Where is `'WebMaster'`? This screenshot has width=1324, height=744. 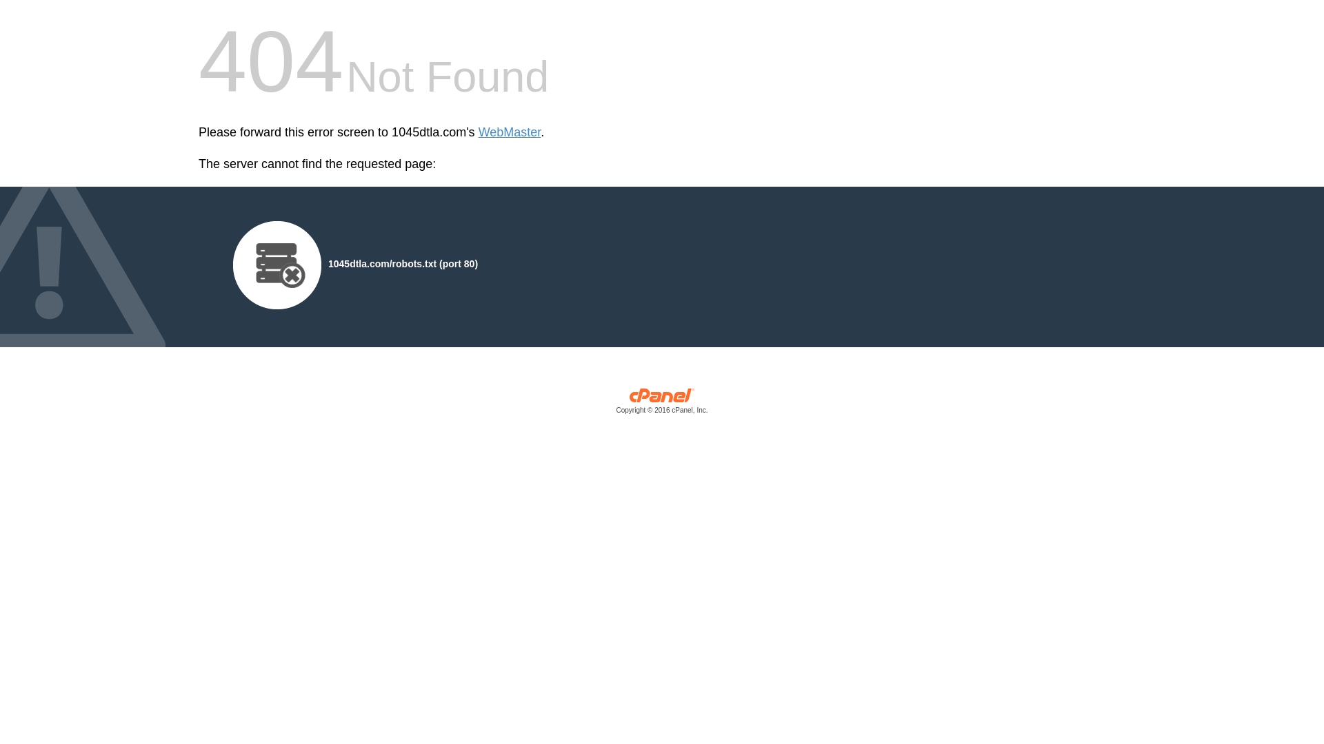 'WebMaster' is located at coordinates (479, 132).